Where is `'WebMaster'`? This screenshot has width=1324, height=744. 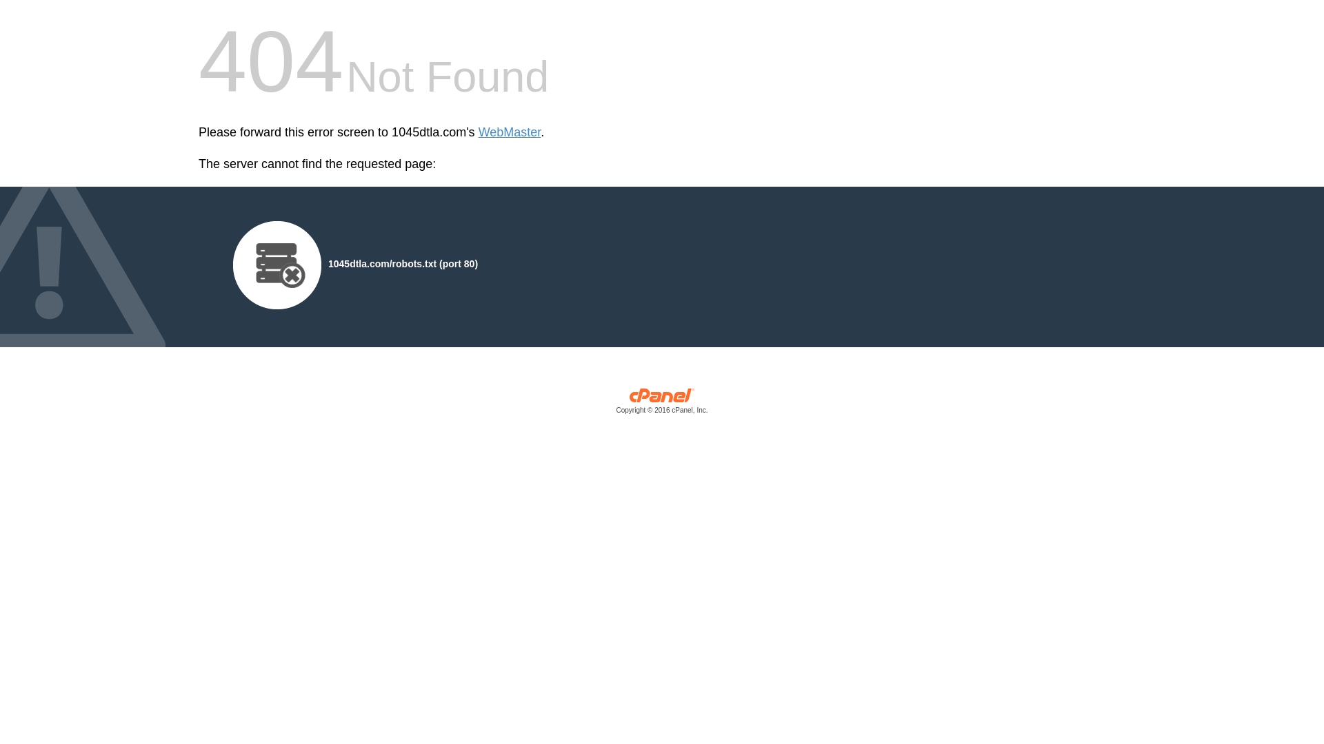 'WebMaster' is located at coordinates (479, 132).